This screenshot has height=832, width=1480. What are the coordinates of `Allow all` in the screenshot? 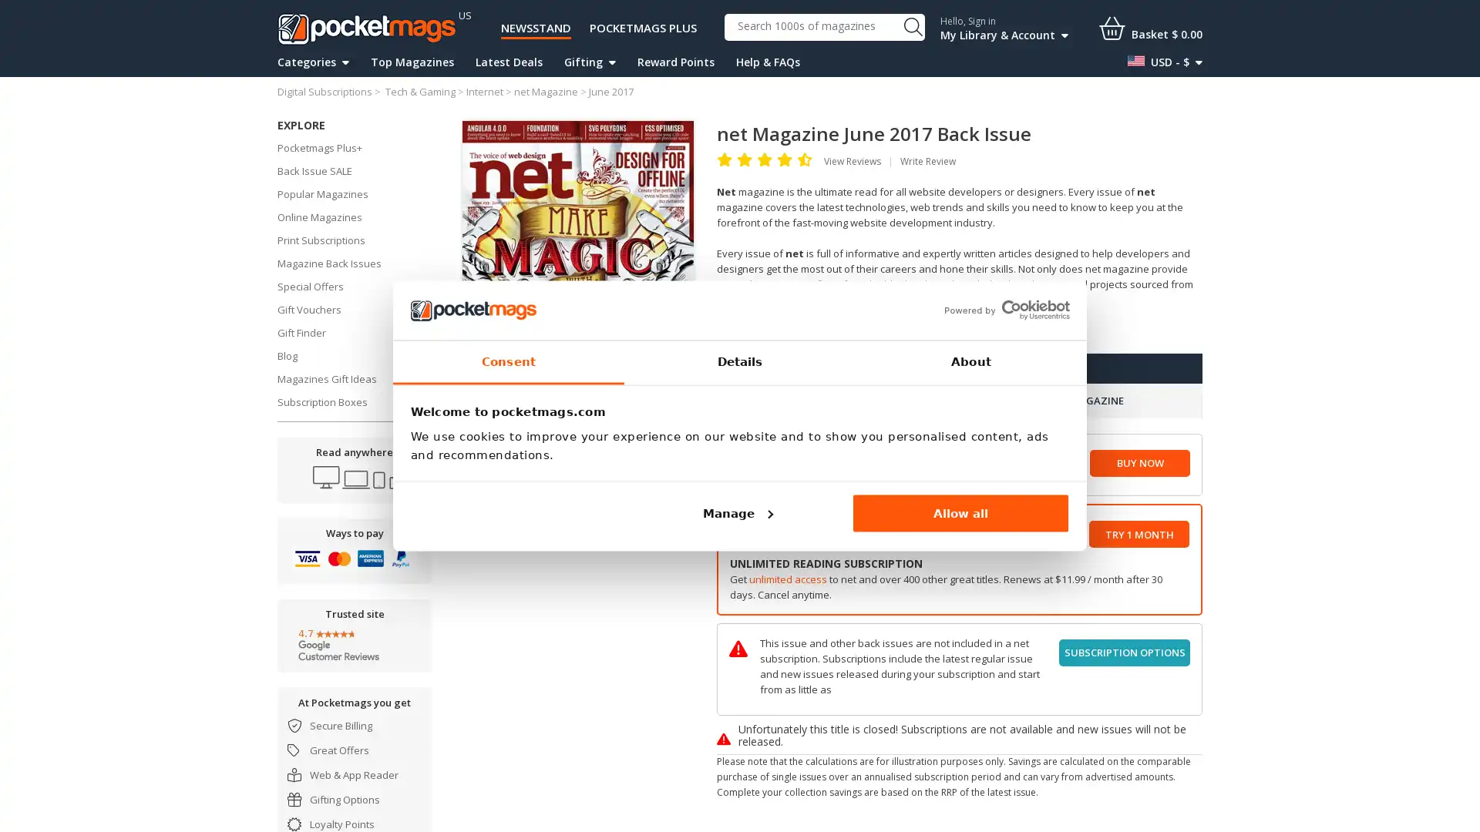 It's located at (960, 513).